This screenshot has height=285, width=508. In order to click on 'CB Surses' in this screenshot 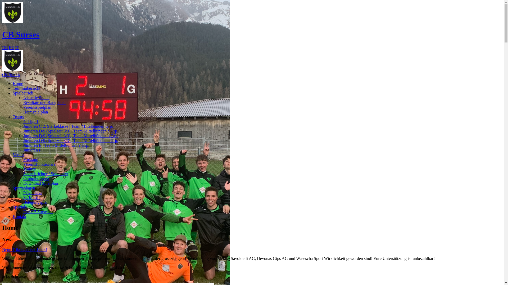, I will do `click(13, 12)`.